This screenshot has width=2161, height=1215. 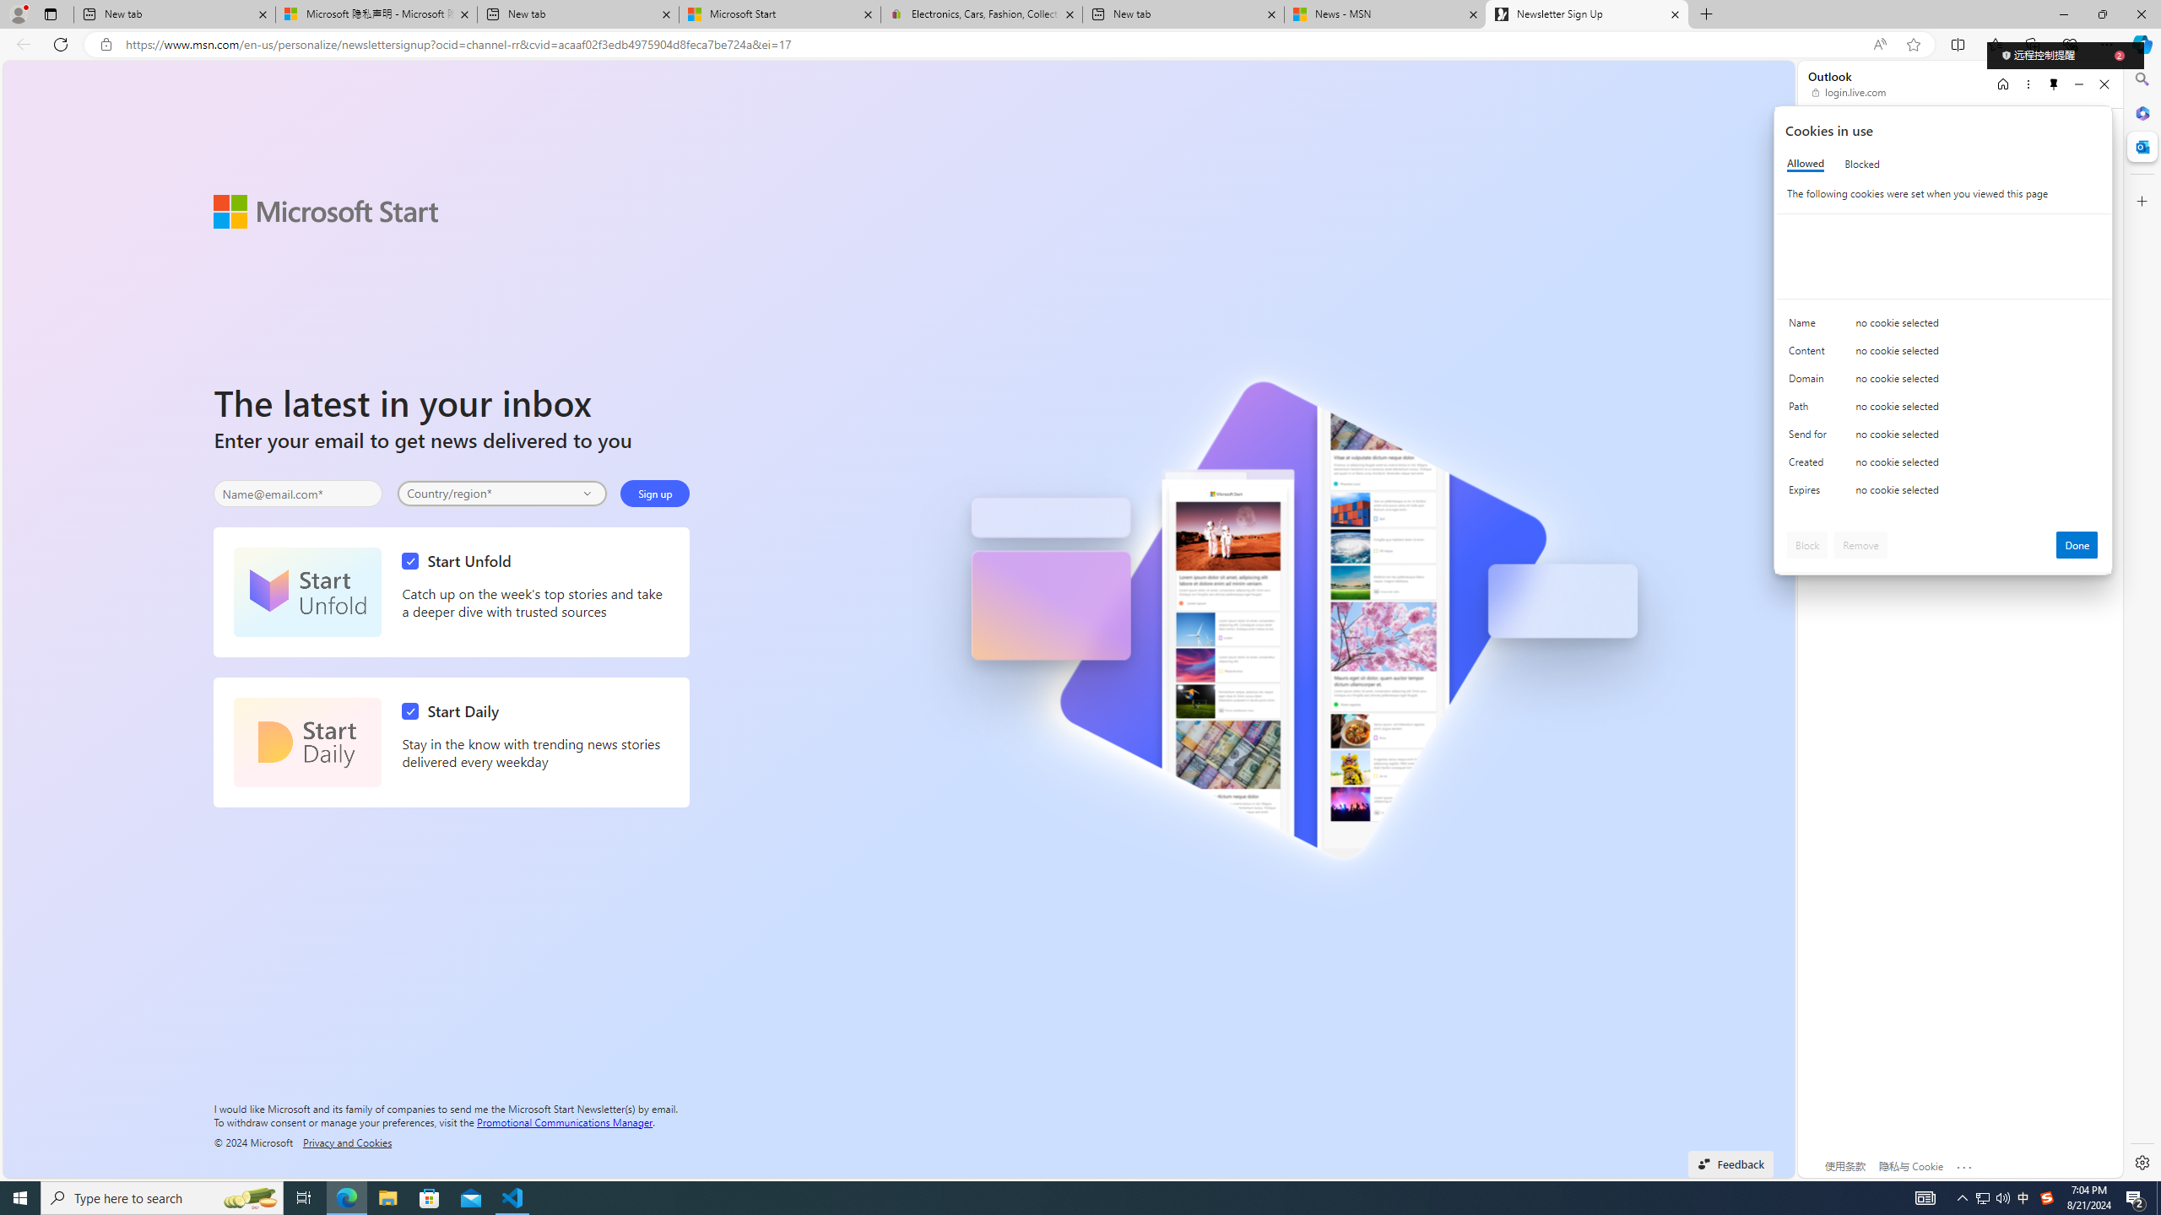 What do you see at coordinates (1810, 437) in the screenshot?
I see `'Send for'` at bounding box center [1810, 437].